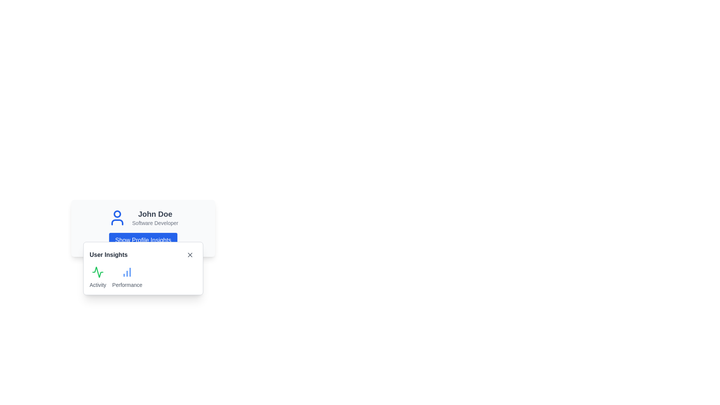 The height and width of the screenshot is (405, 720). I want to click on the button labeled 'Show Profile Insights', which is a rectangular button with a blue background and white text, so click(143, 240).